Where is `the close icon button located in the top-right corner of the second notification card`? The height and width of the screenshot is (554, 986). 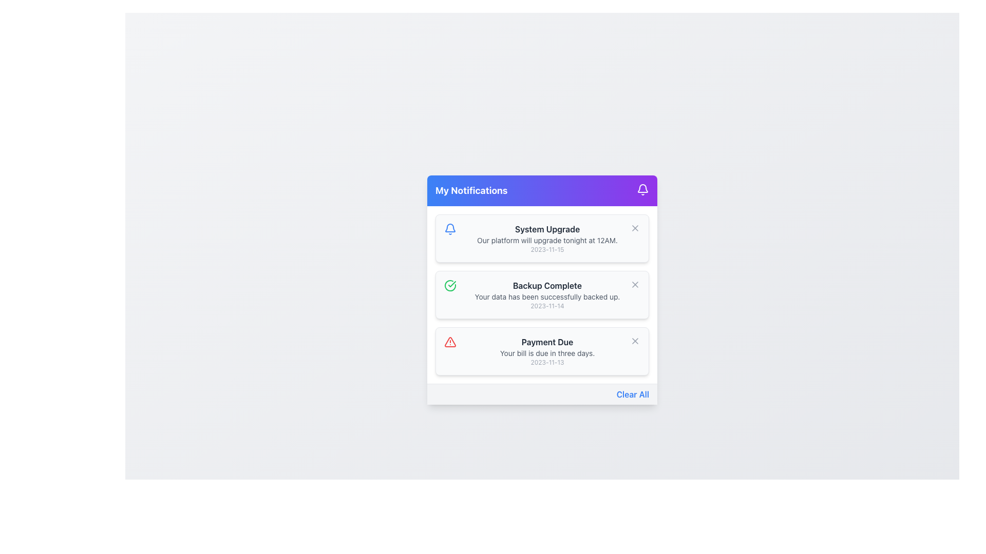
the close icon button located in the top-right corner of the second notification card is located at coordinates (635, 227).